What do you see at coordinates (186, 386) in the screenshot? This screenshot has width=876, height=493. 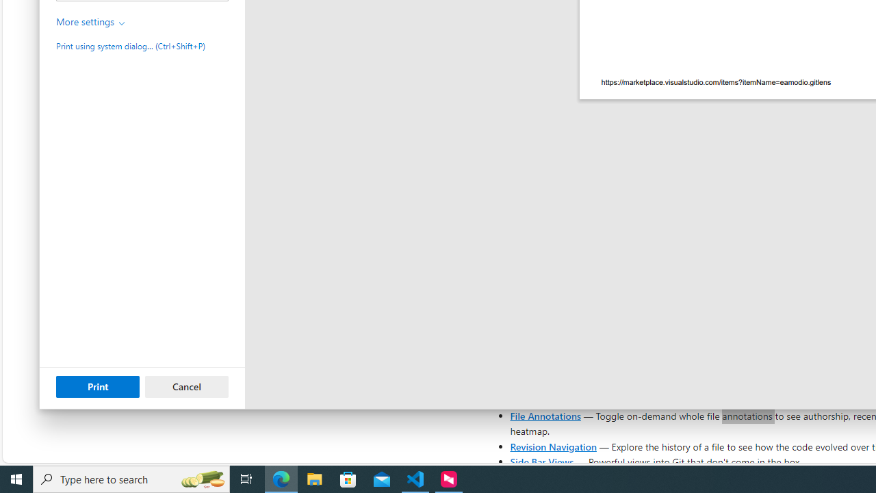 I see `'Cancel'` at bounding box center [186, 386].